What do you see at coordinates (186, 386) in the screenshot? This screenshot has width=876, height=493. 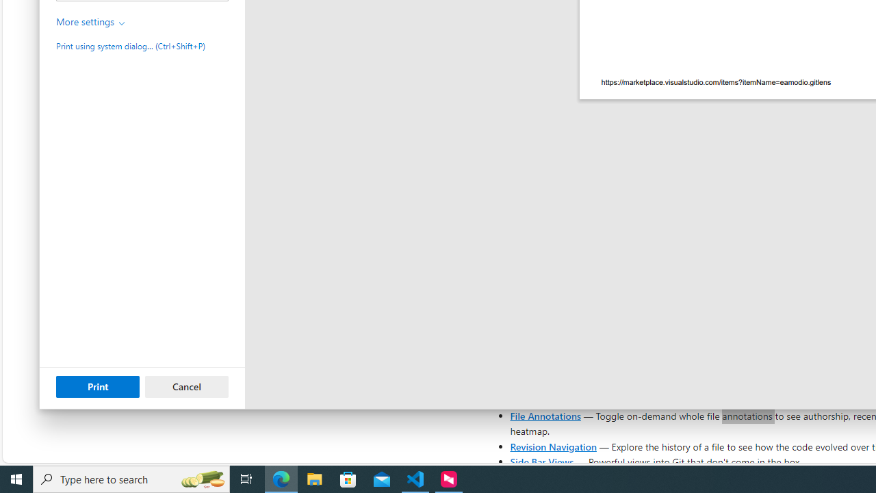 I see `'Cancel'` at bounding box center [186, 386].